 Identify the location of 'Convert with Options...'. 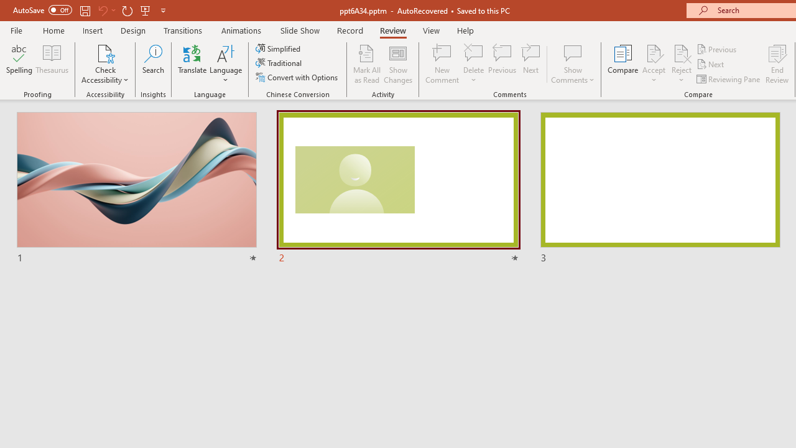
(297, 77).